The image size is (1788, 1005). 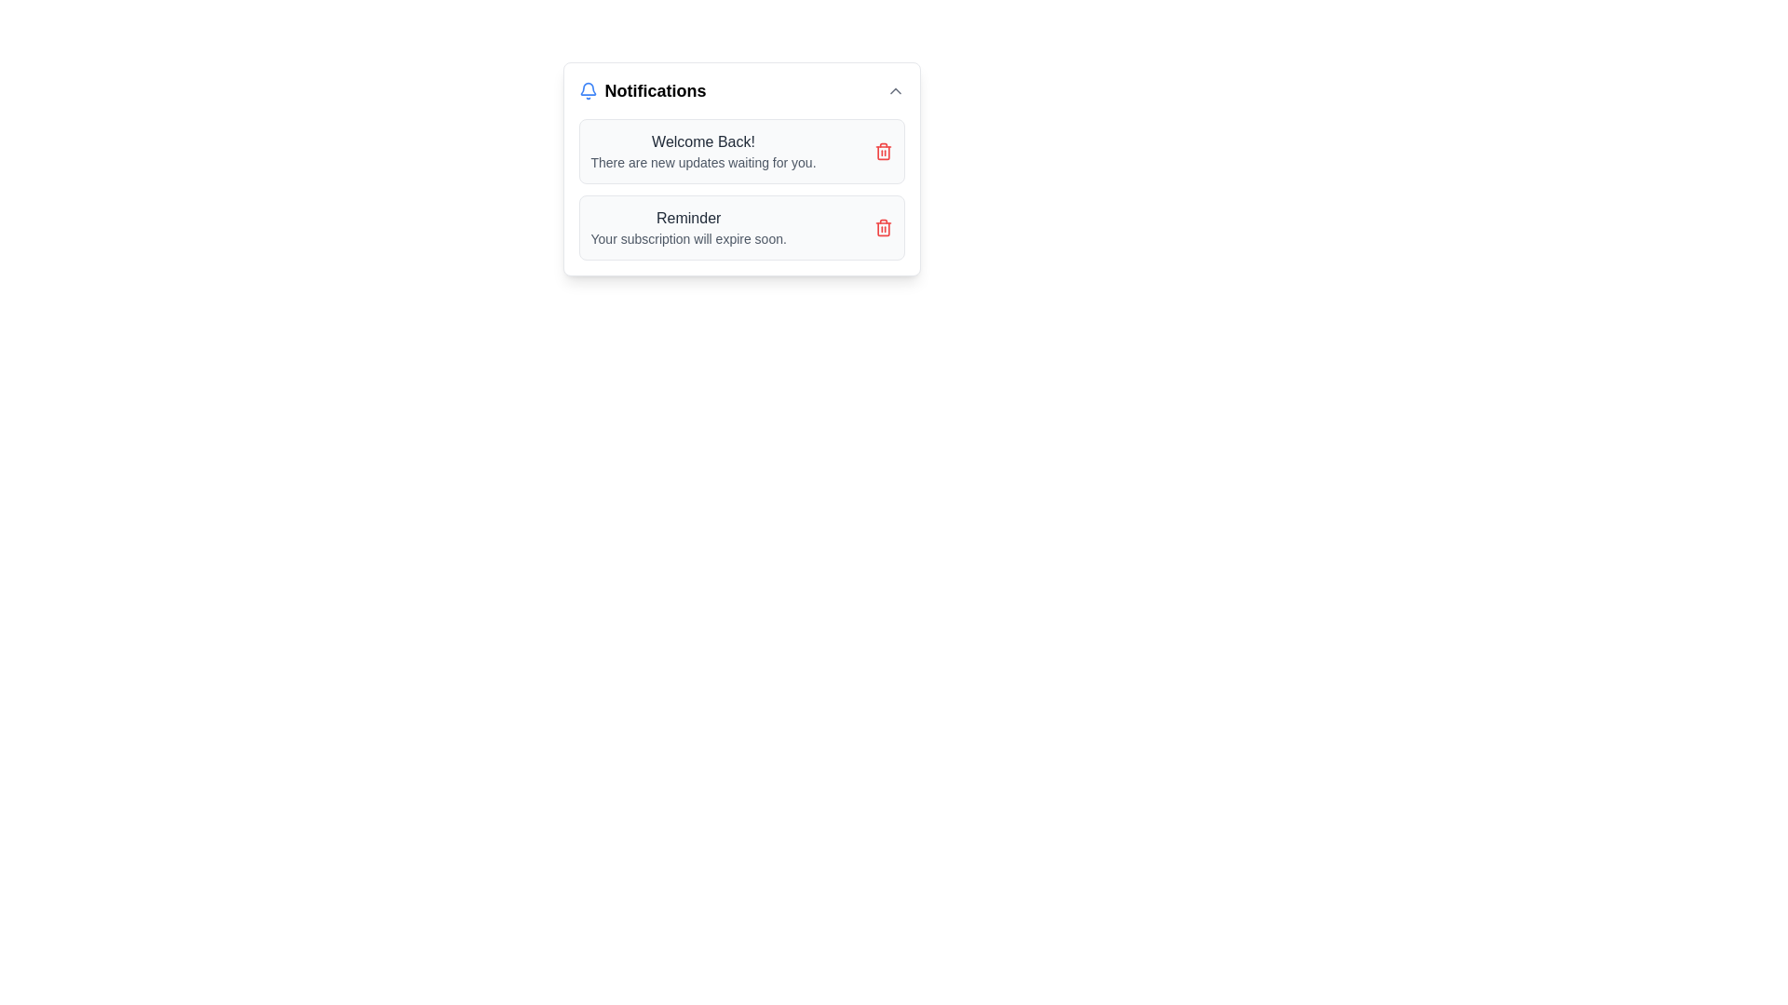 I want to click on the 'Reminder' text label in the notification panel, which is styled with gray color and is the first line of a two-line message, so click(x=687, y=218).